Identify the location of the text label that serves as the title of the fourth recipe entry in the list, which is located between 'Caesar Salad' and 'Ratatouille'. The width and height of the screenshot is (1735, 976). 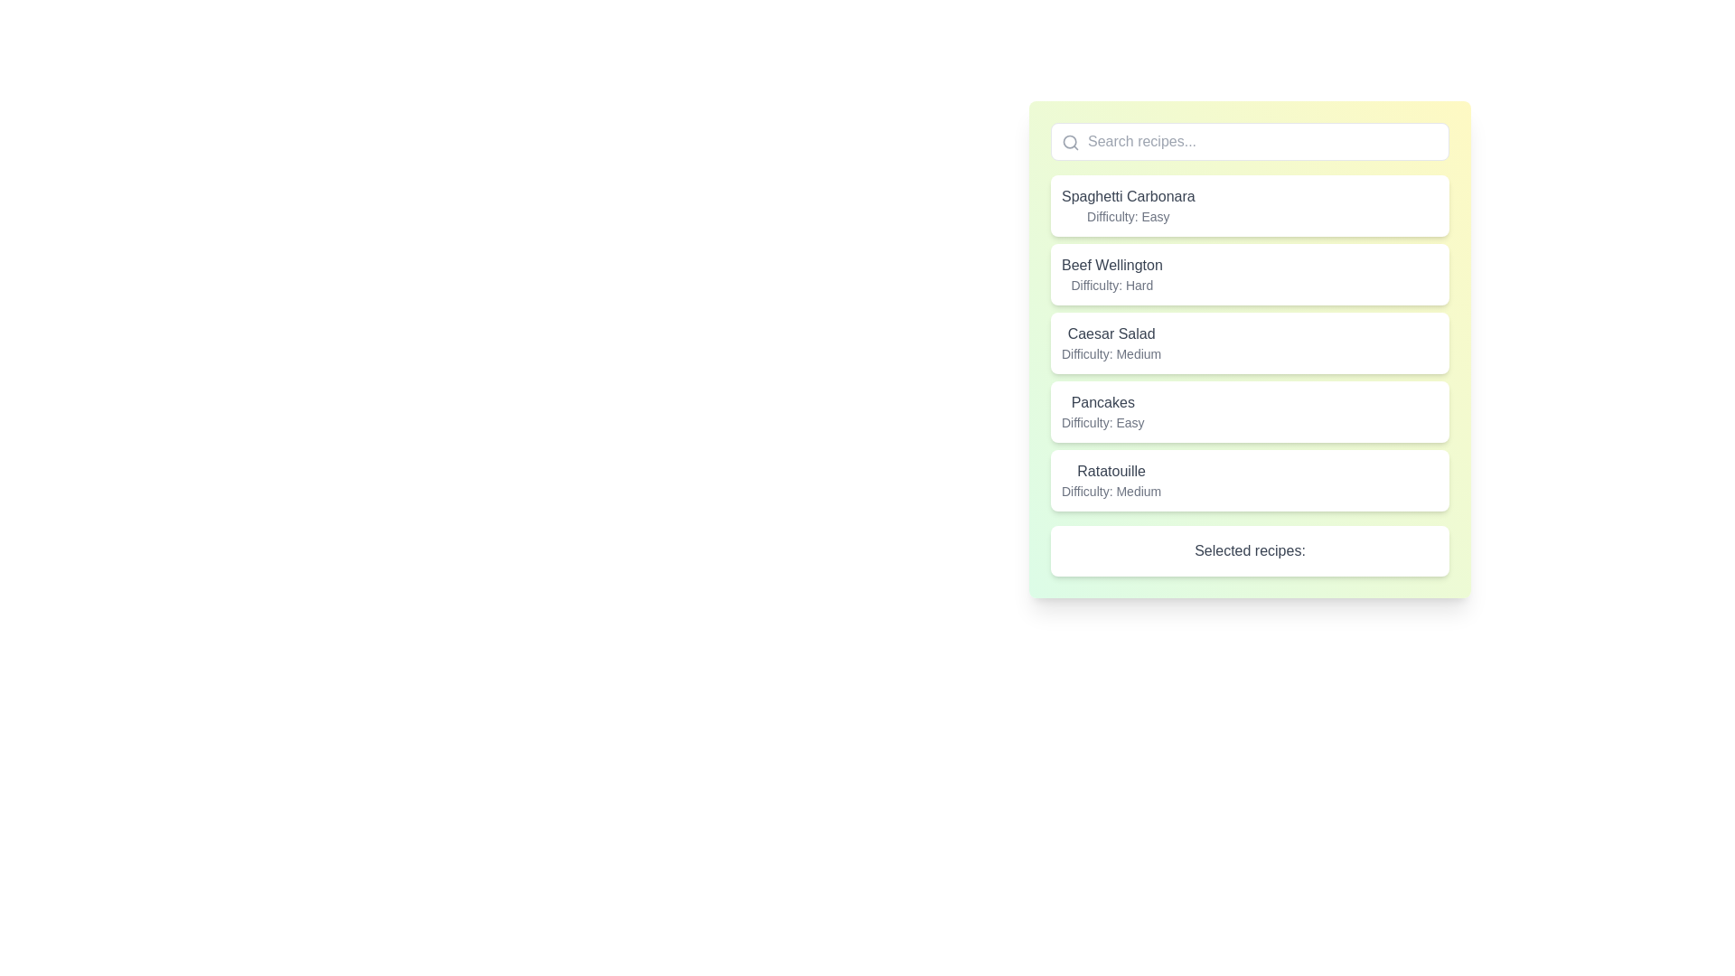
(1102, 402).